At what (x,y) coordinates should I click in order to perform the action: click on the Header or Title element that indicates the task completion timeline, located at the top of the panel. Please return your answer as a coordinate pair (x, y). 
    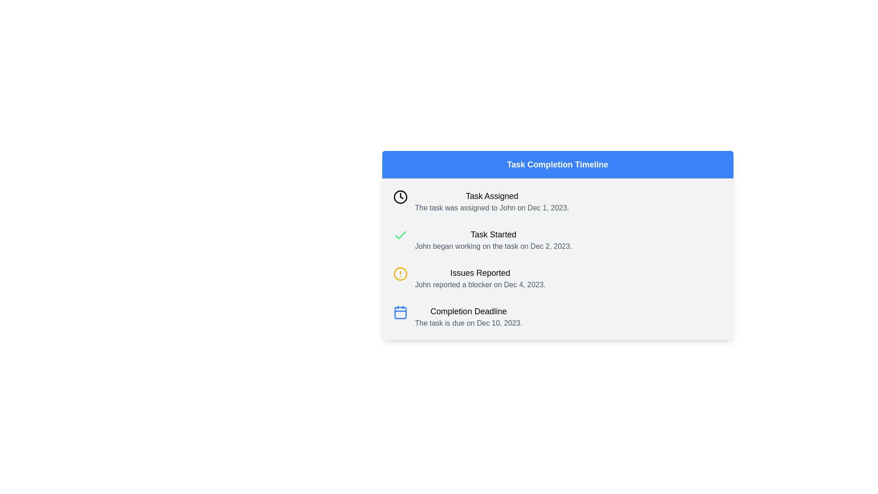
    Looking at the image, I should click on (557, 165).